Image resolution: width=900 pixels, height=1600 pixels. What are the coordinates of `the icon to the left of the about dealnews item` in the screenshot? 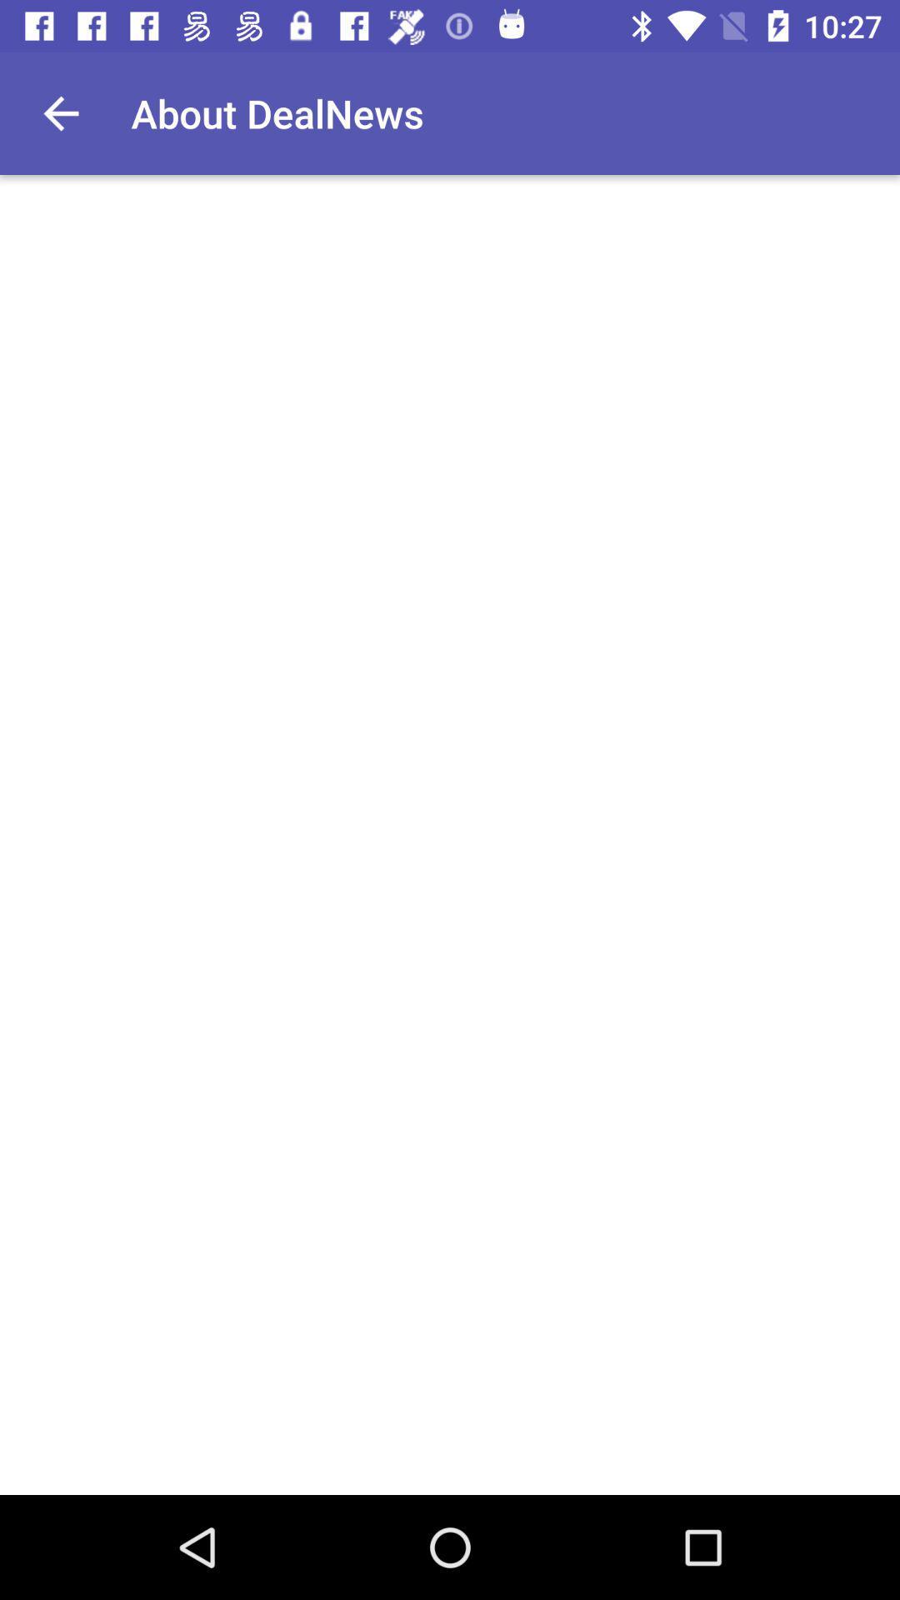 It's located at (60, 112).